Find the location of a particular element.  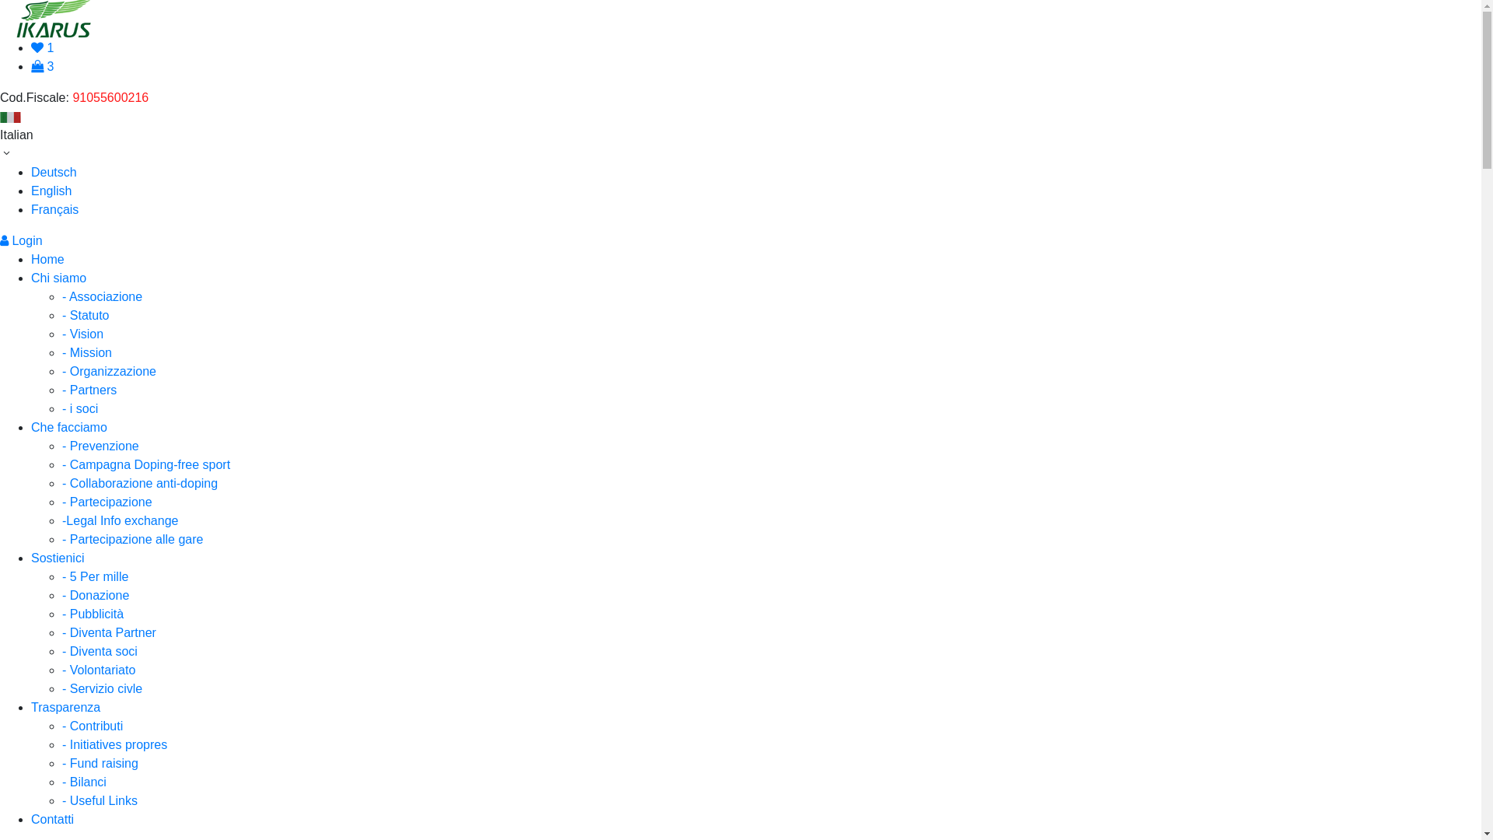

'- Volontariato' is located at coordinates (97, 669).